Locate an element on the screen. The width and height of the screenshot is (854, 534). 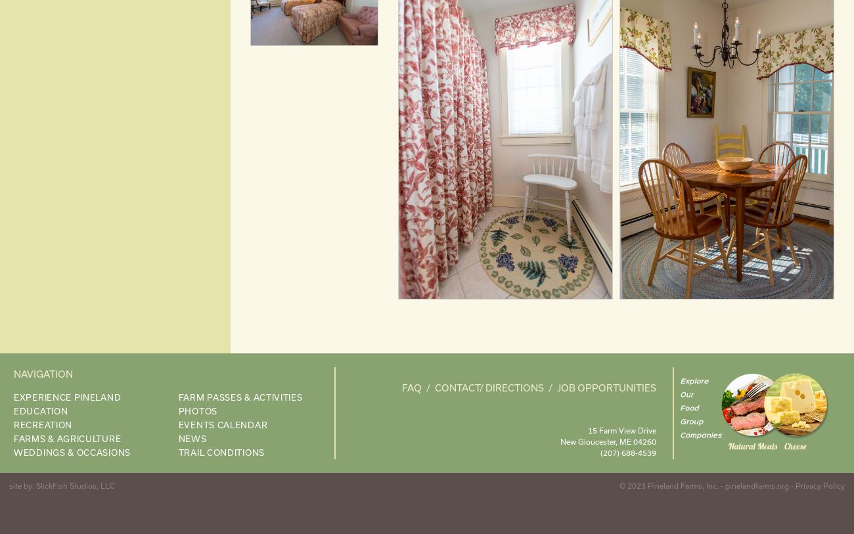
'Photos' is located at coordinates (197, 411).